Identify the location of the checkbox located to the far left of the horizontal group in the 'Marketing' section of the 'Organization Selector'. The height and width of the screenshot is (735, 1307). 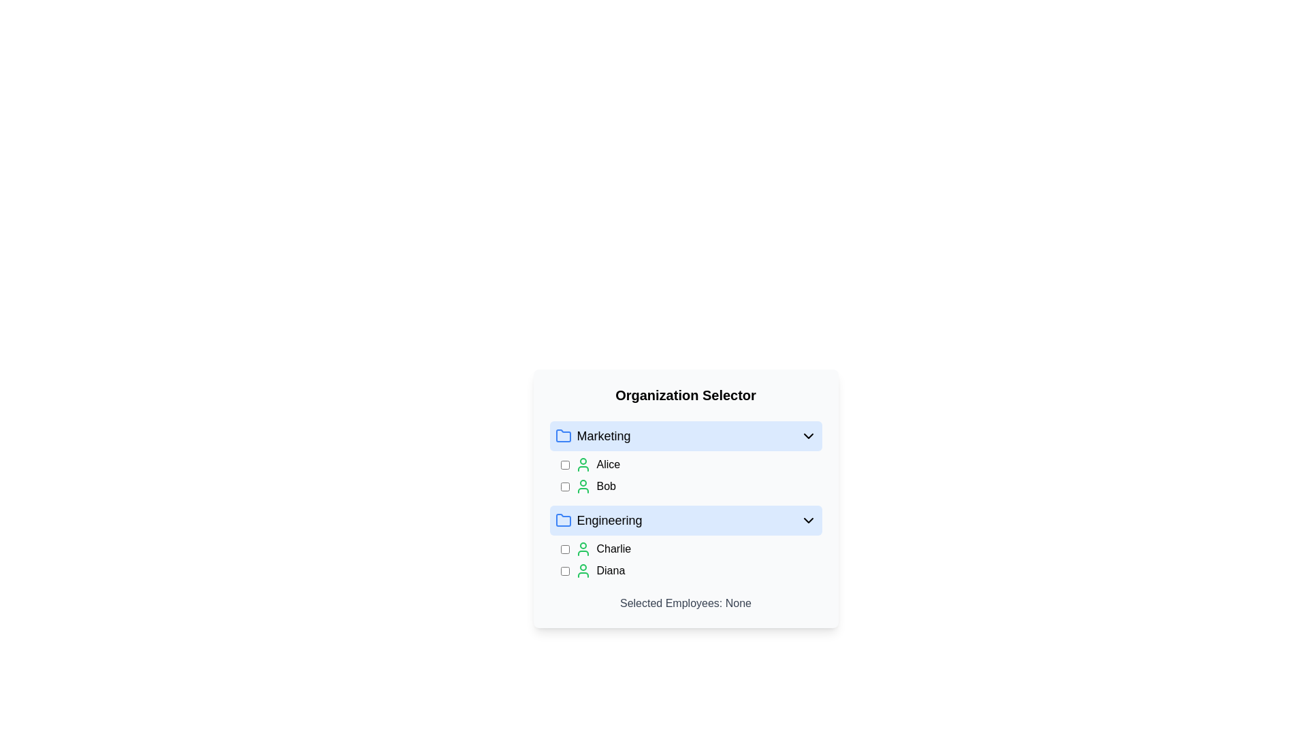
(565, 463).